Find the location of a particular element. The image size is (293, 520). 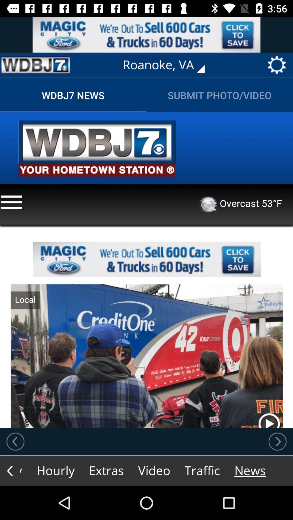

homepage is located at coordinates (36, 65).